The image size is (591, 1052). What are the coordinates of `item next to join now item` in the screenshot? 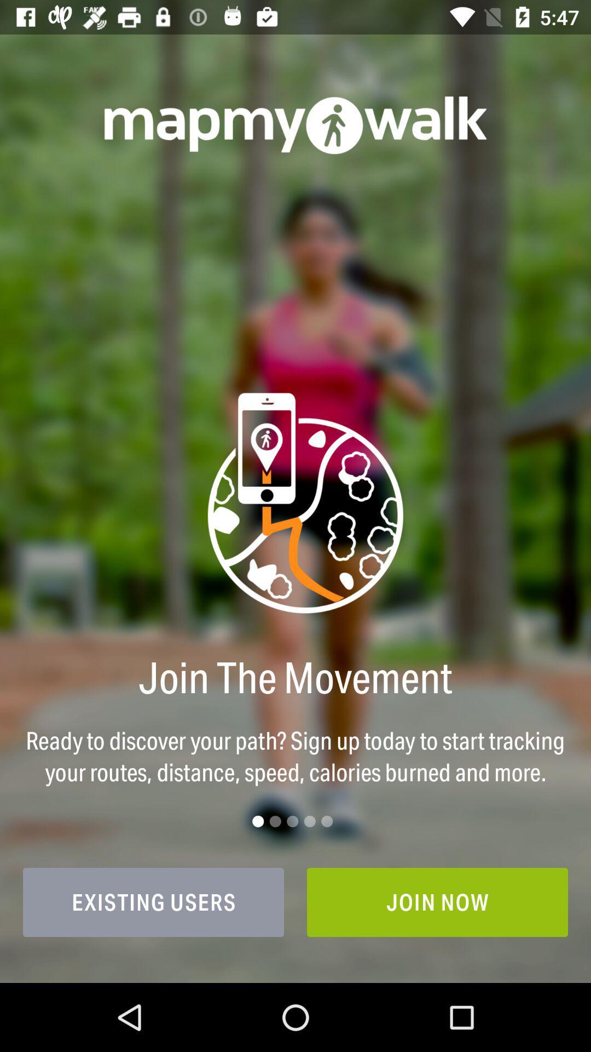 It's located at (153, 902).